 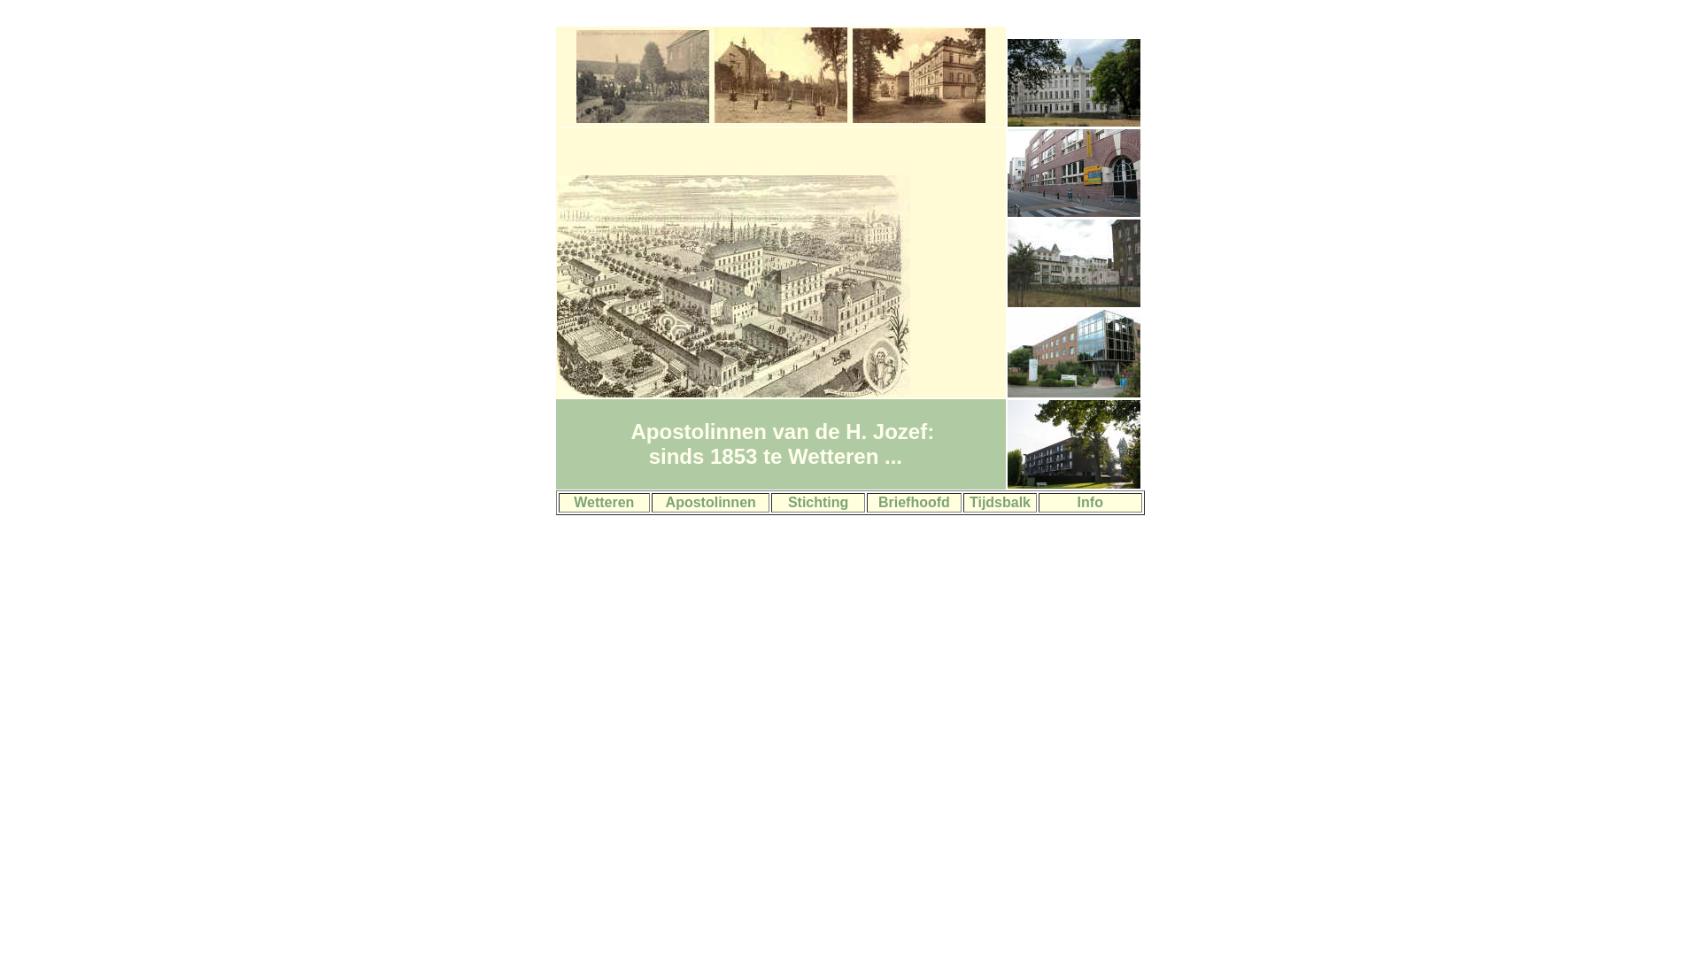 What do you see at coordinates (817, 502) in the screenshot?
I see `'Stichting'` at bounding box center [817, 502].